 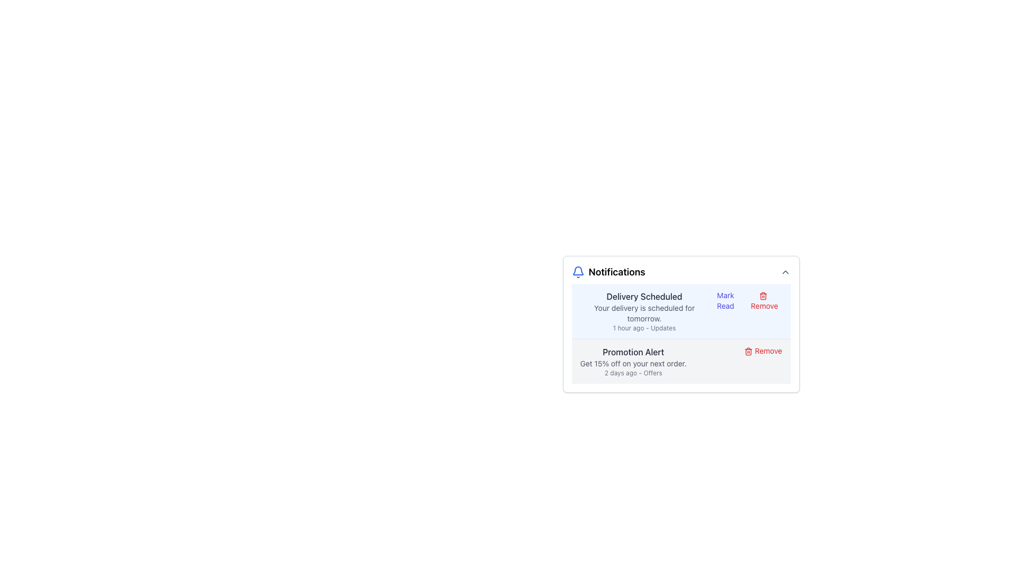 What do you see at coordinates (608, 272) in the screenshot?
I see `the header element that features a bell icon and the text 'Notifications', located at the top-left corner of the notifications panel` at bounding box center [608, 272].